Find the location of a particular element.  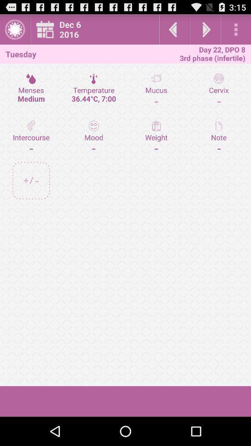

app next to the tuesday item is located at coordinates (97, 29).